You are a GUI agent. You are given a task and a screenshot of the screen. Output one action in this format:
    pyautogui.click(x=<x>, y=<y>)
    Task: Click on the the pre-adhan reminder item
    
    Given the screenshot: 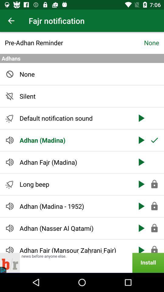 What is the action you would take?
    pyautogui.click(x=74, y=42)
    